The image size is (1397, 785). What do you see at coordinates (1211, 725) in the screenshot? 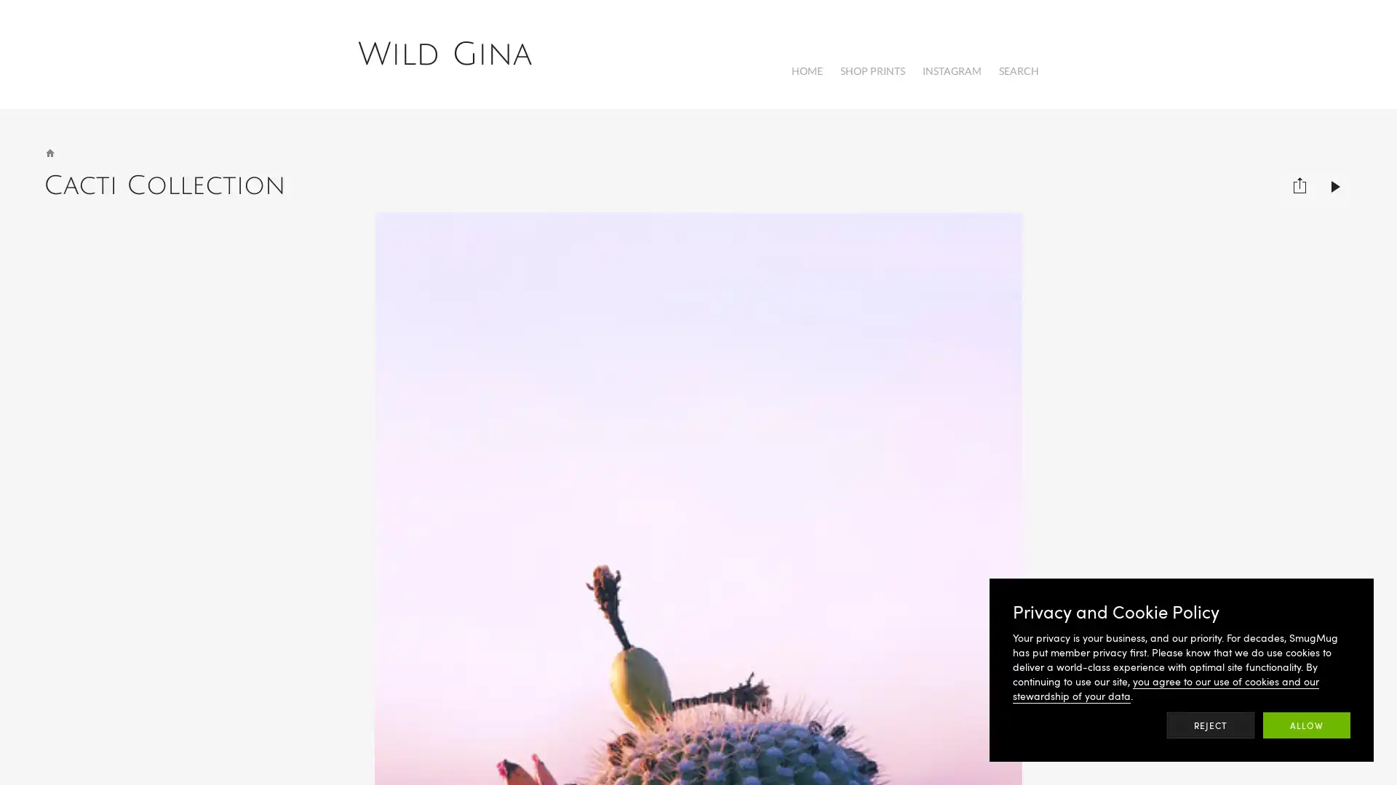
I see `REJECT` at bounding box center [1211, 725].